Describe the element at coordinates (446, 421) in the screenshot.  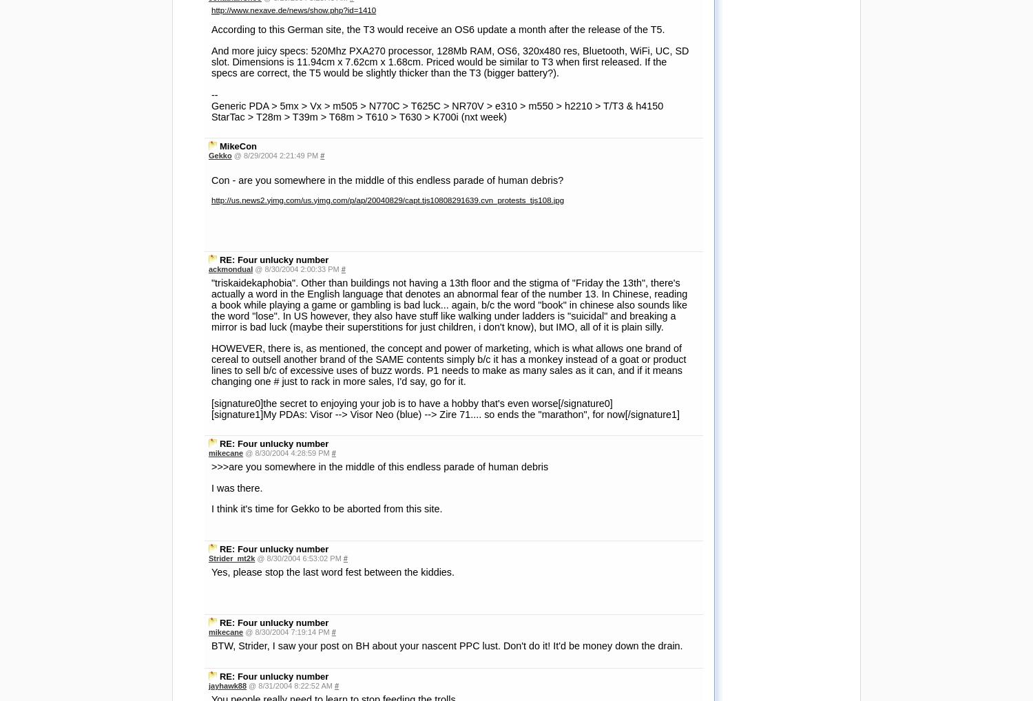
I see `'"Hey, Gekko, about 200 of your FELLOW CITIZENS got arrested last night in the New New York City Police State because they DARED to want to ride BICYCLES past the convention site. Doesn't that just warm the ****les of your dictatorial heart?'` at that location.